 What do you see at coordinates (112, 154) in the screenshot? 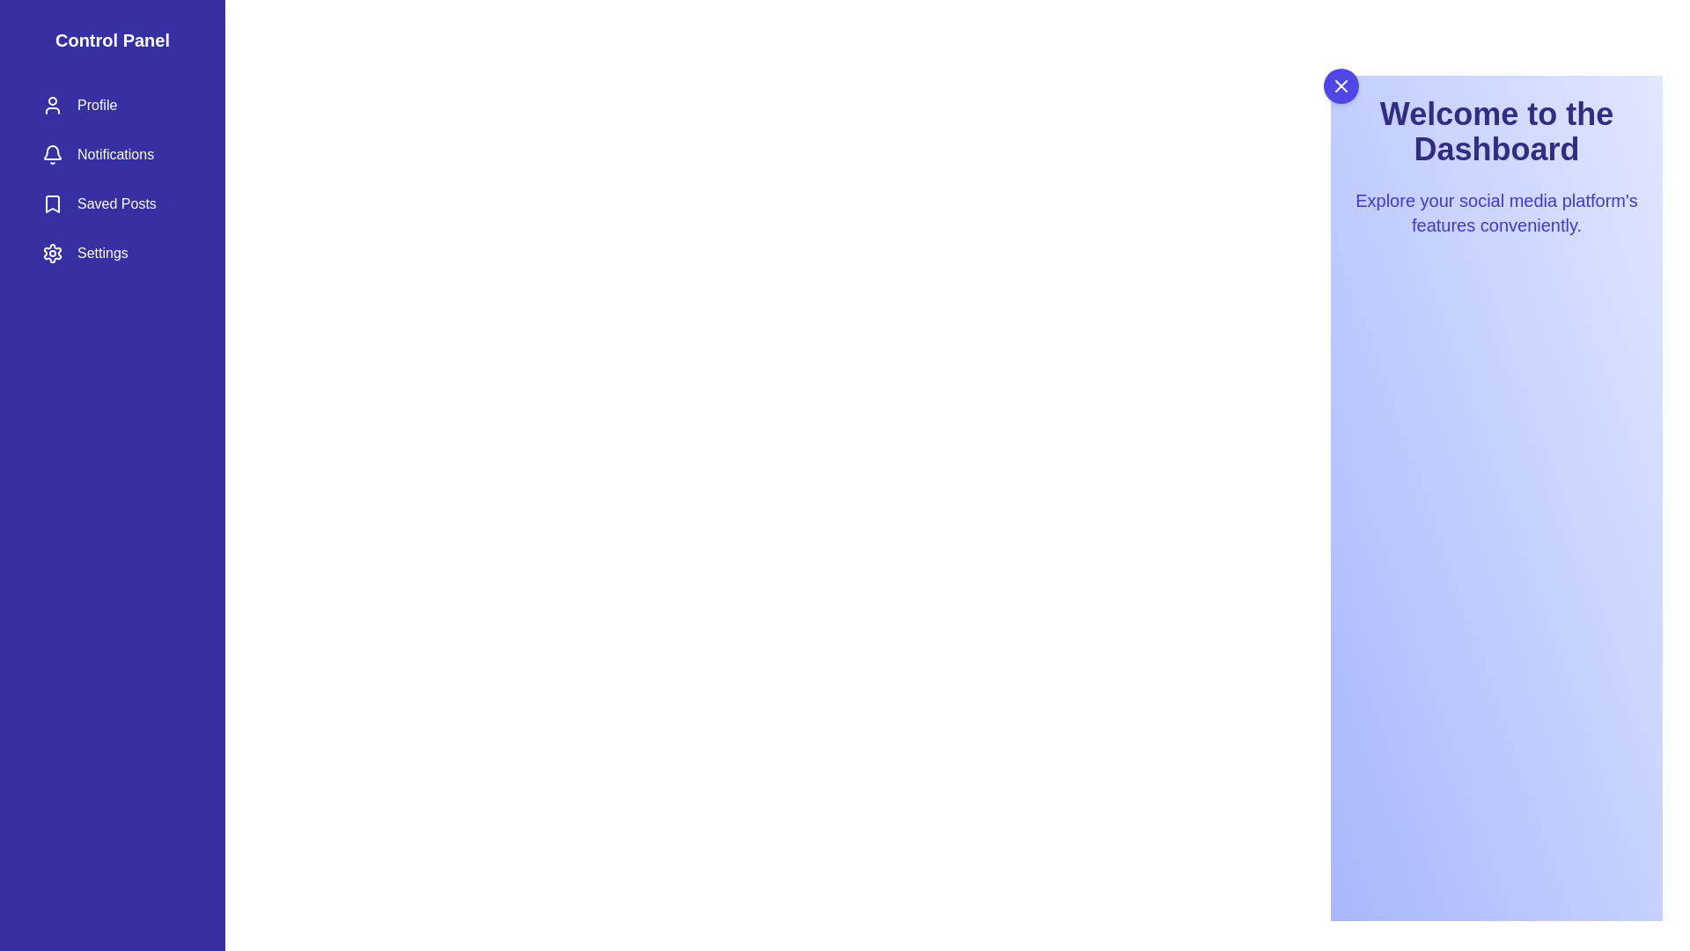
I see `the side drawer item Notifications to observe visual feedback` at bounding box center [112, 154].